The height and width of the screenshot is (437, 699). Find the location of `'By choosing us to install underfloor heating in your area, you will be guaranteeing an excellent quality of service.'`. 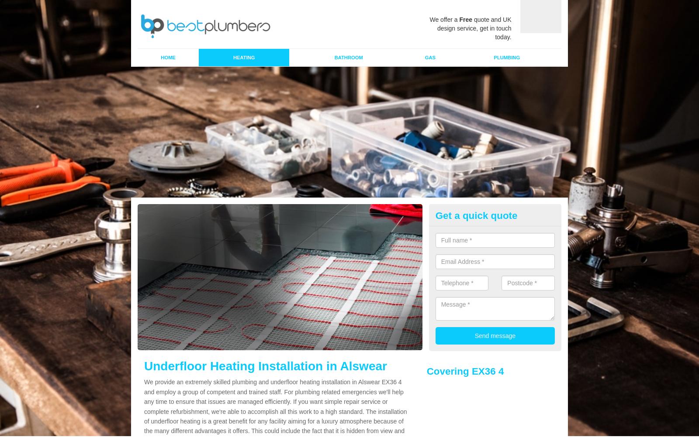

'By choosing us to install underfloor heating in your area, you will be guaranteeing an excellent quality of service.' is located at coordinates (300, 379).